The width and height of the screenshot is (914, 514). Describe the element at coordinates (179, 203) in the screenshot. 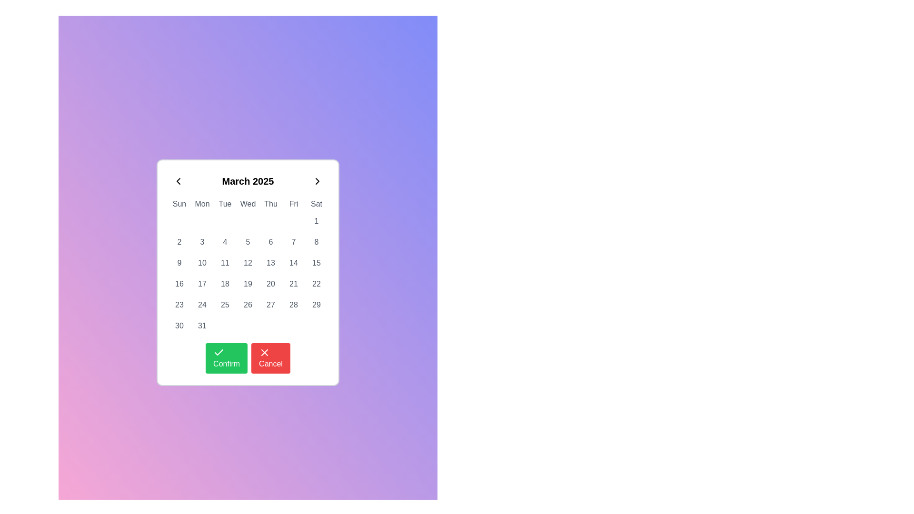

I see `the static text label representing 'Sun' in the calendar widget, which is located at the top-left of the calendar component, immediately to the left of 'Mon'` at that location.